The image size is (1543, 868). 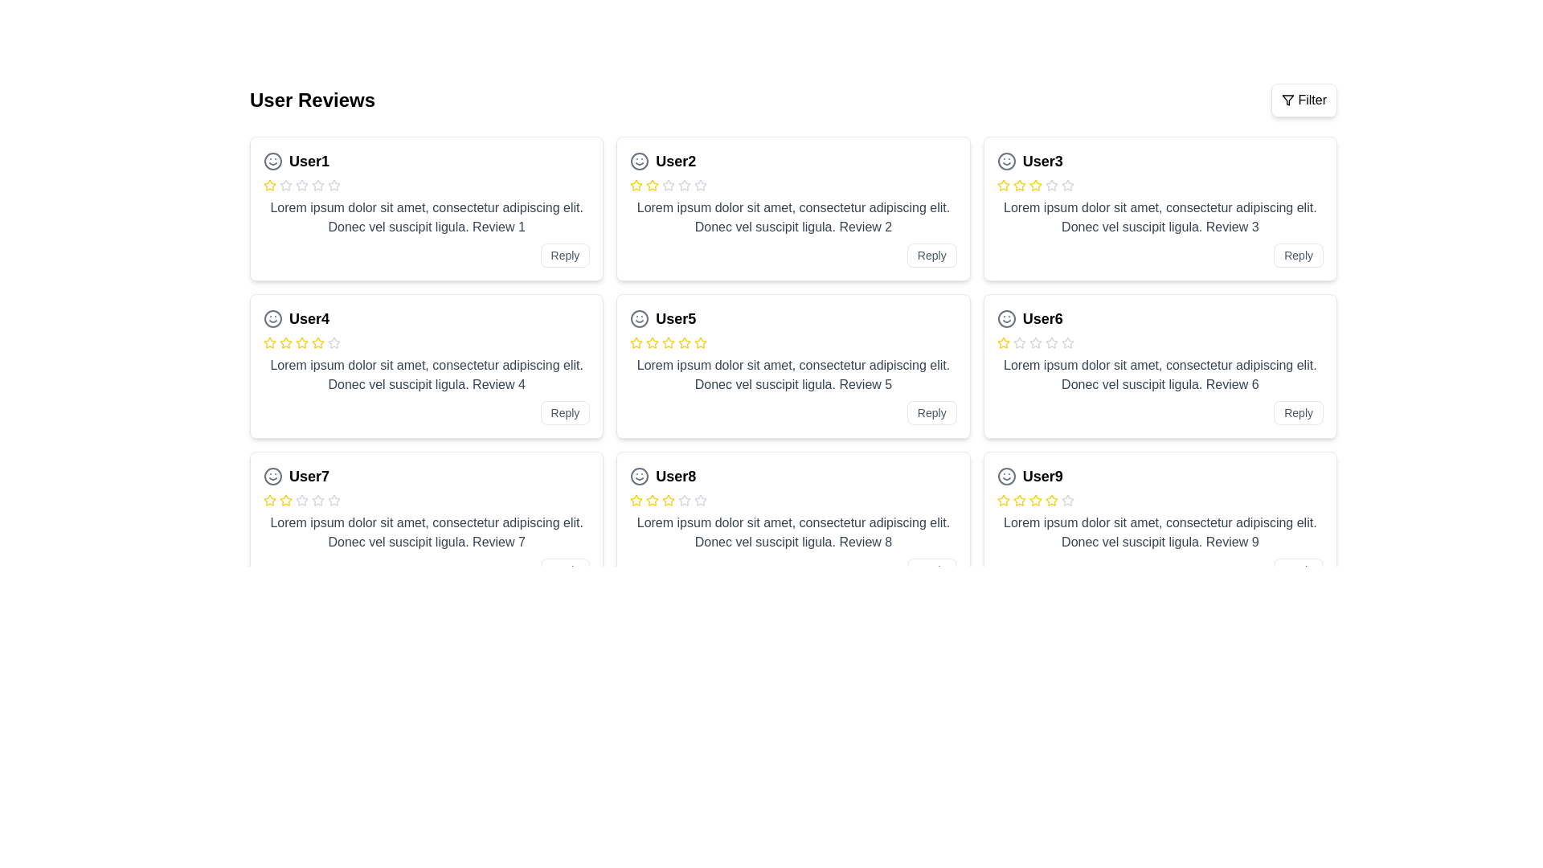 I want to click on the yellow star icon, which is the third in a sequence of six stars used for rating in the review layout for 'User4', positioned in the second row, left of the text, so click(x=285, y=342).